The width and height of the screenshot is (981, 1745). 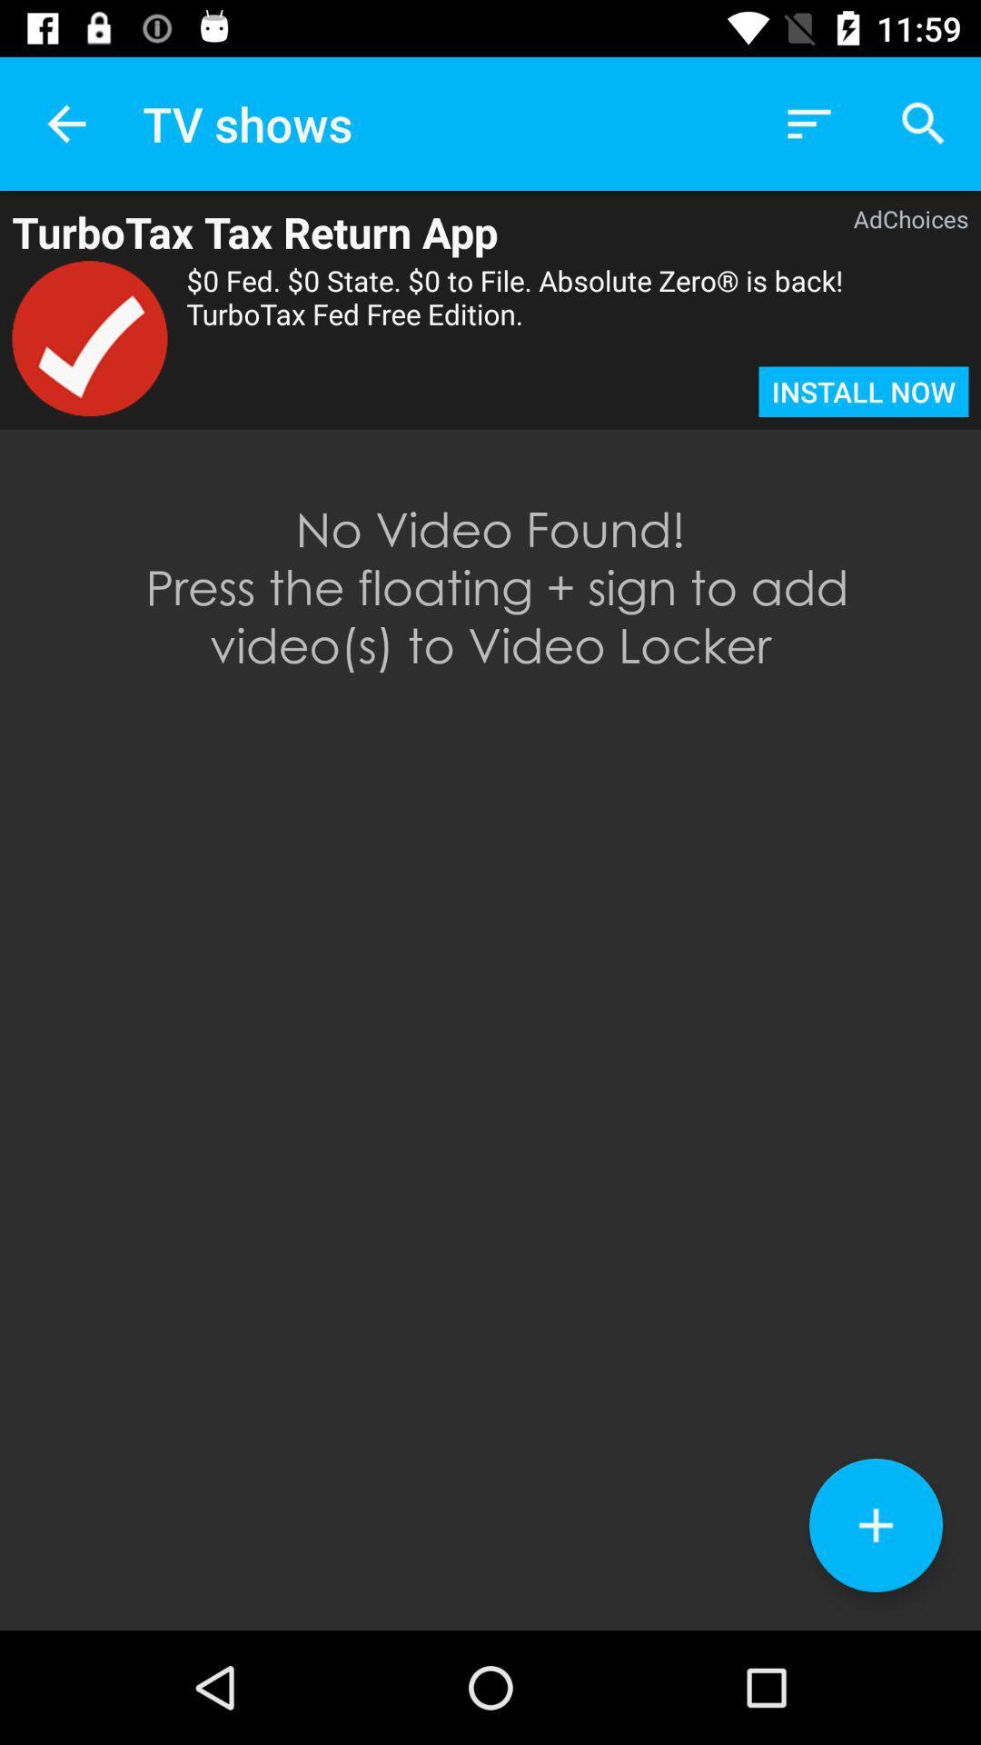 What do you see at coordinates (65, 123) in the screenshot?
I see `icon above turbotax tax return icon` at bounding box center [65, 123].